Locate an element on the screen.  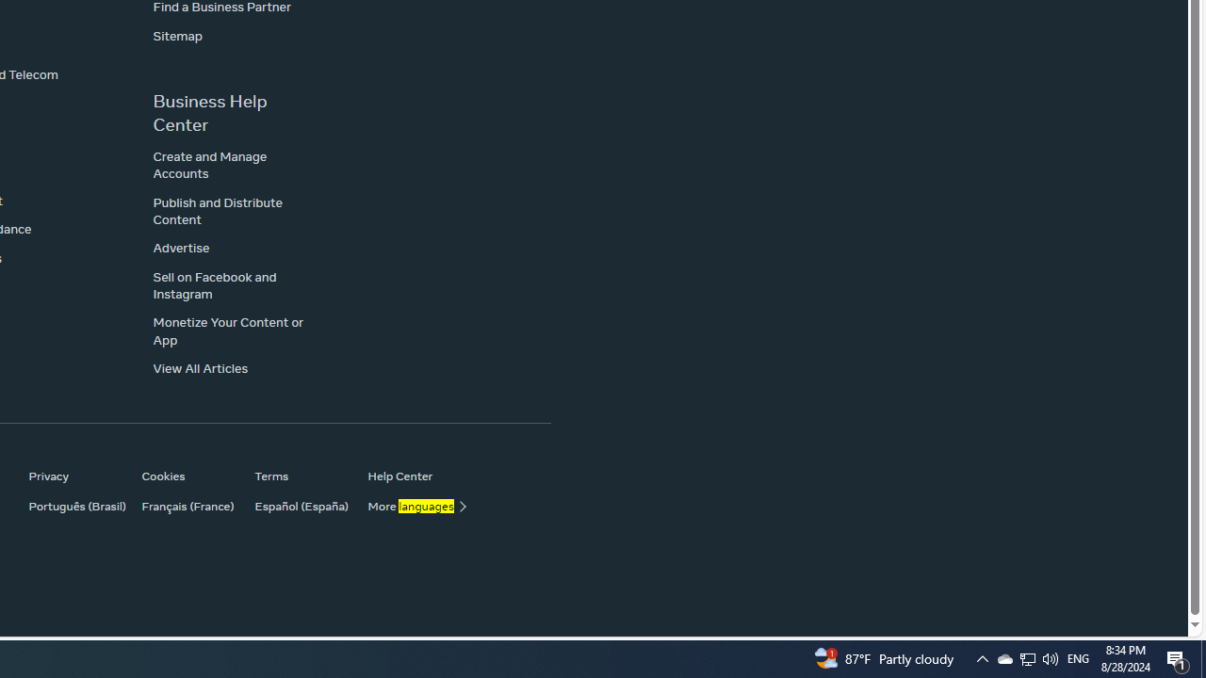
'More languages' is located at coordinates (414, 505).